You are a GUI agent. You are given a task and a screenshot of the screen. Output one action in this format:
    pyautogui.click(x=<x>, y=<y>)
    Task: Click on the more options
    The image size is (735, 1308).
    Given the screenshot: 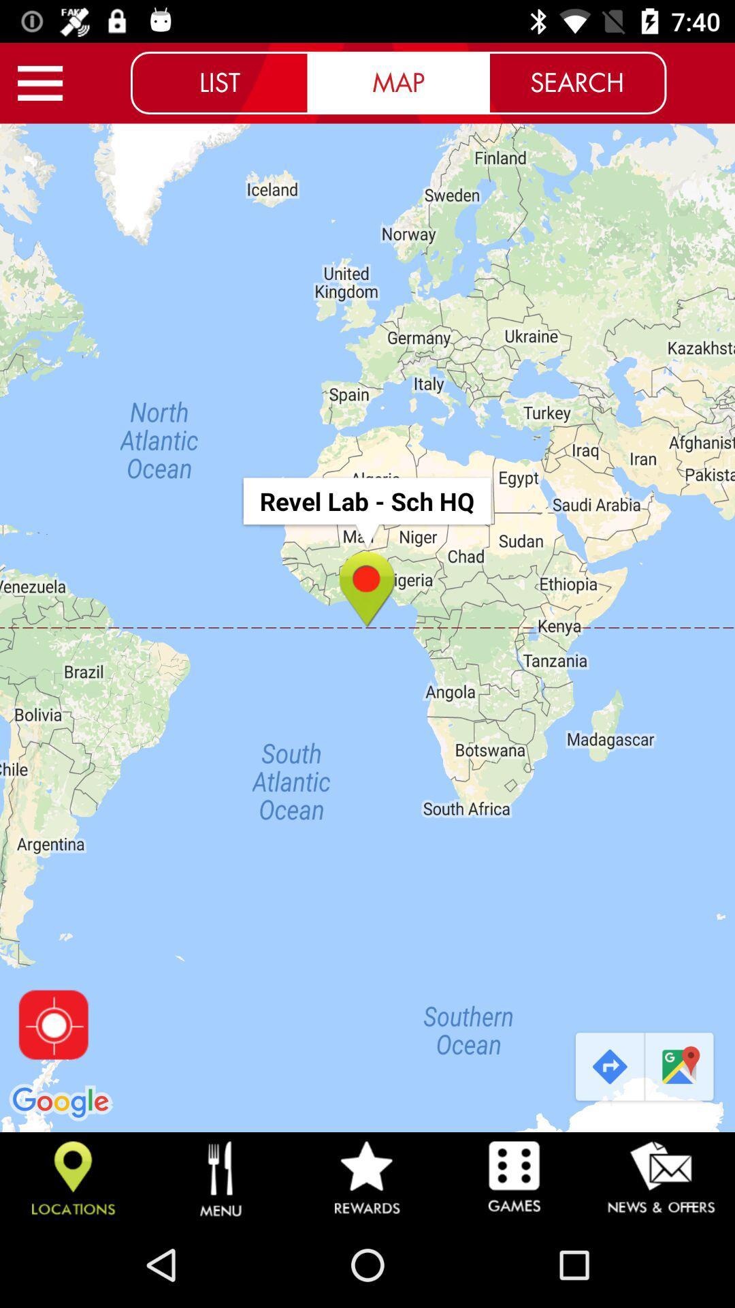 What is the action you would take?
    pyautogui.click(x=39, y=82)
    